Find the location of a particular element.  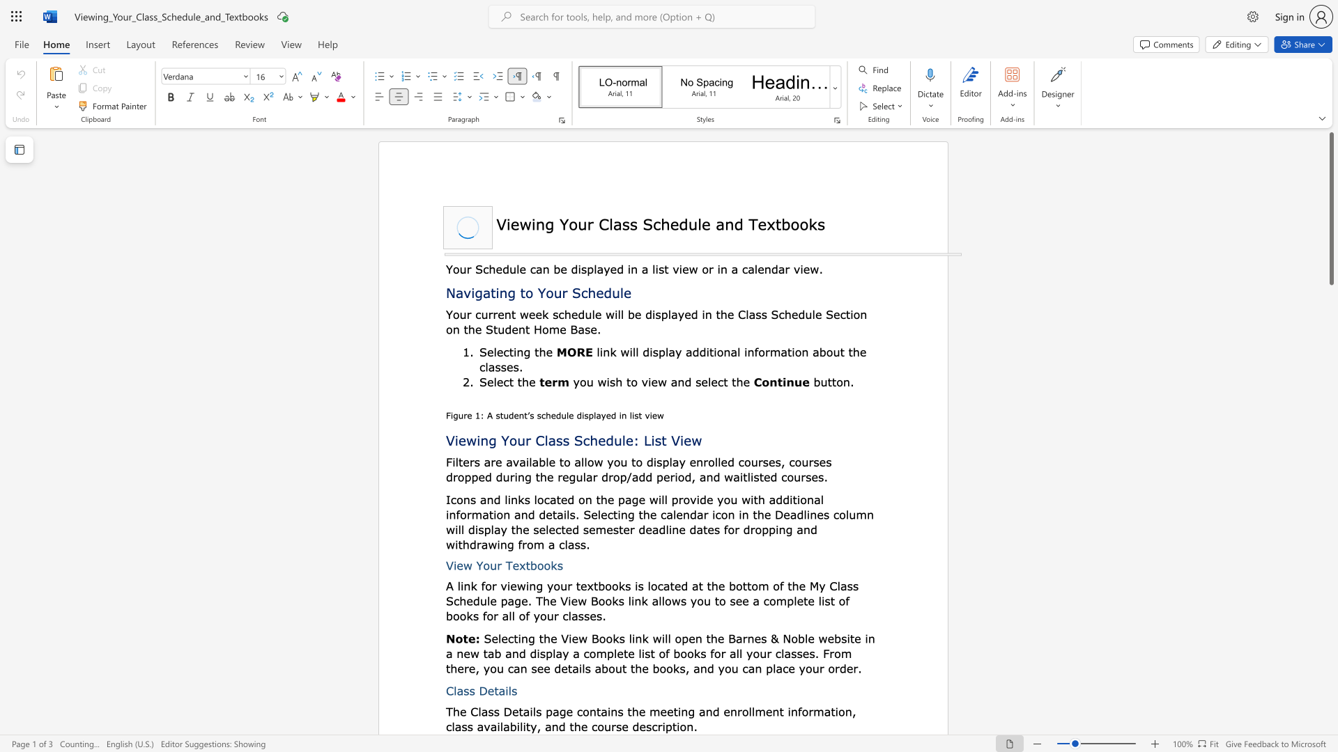

the scrollbar to scroll downward is located at coordinates (1330, 347).